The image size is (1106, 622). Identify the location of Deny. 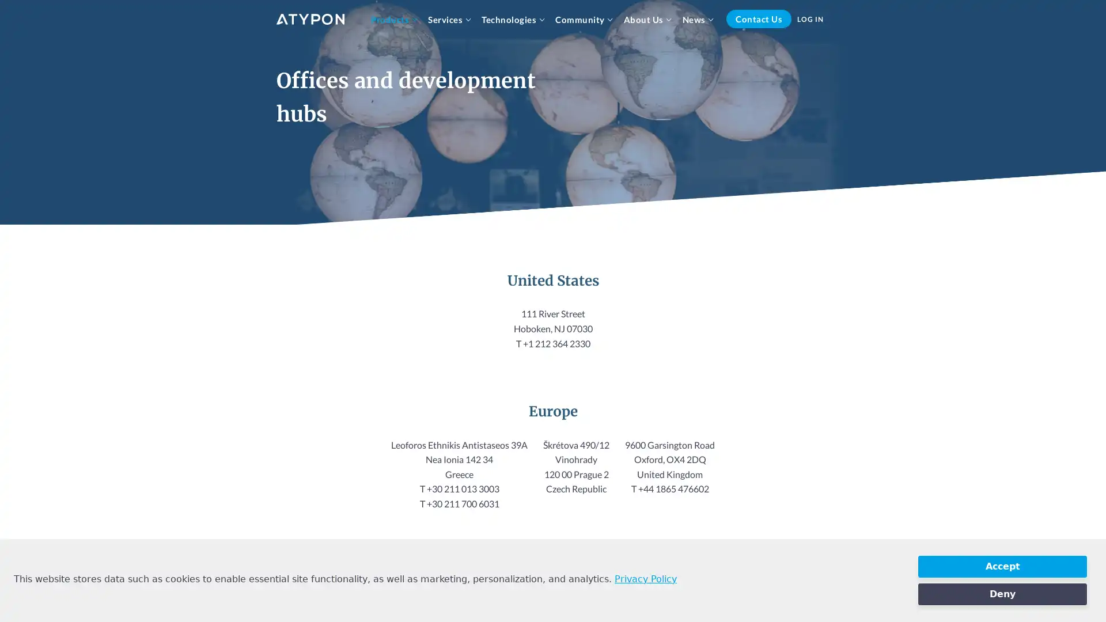
(1002, 594).